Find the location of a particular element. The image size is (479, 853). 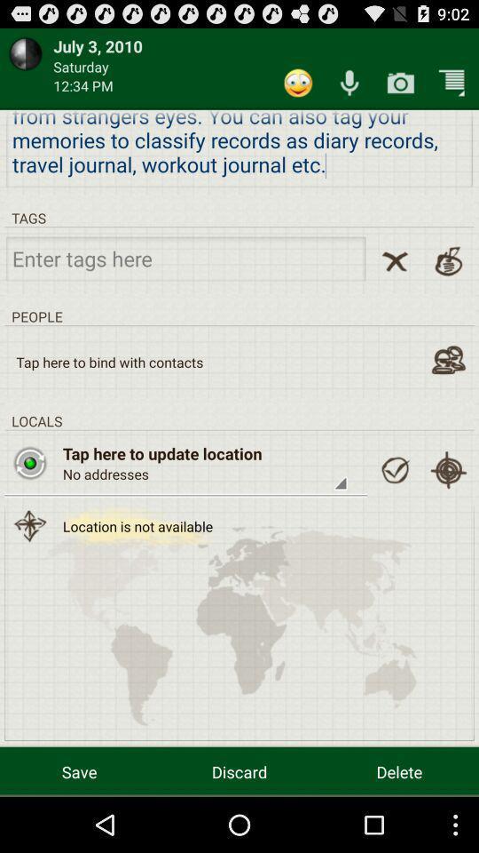

the group icon is located at coordinates (447, 385).